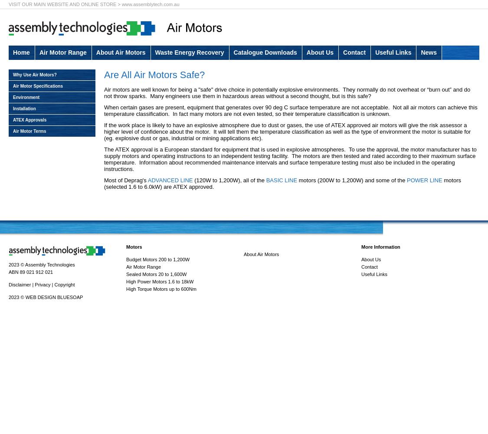  I want to click on 'Home', so click(21, 52).